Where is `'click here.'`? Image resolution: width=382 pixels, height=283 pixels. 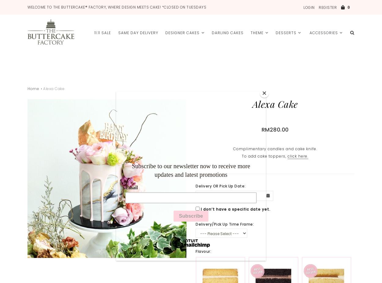
'click here.' is located at coordinates (298, 156).